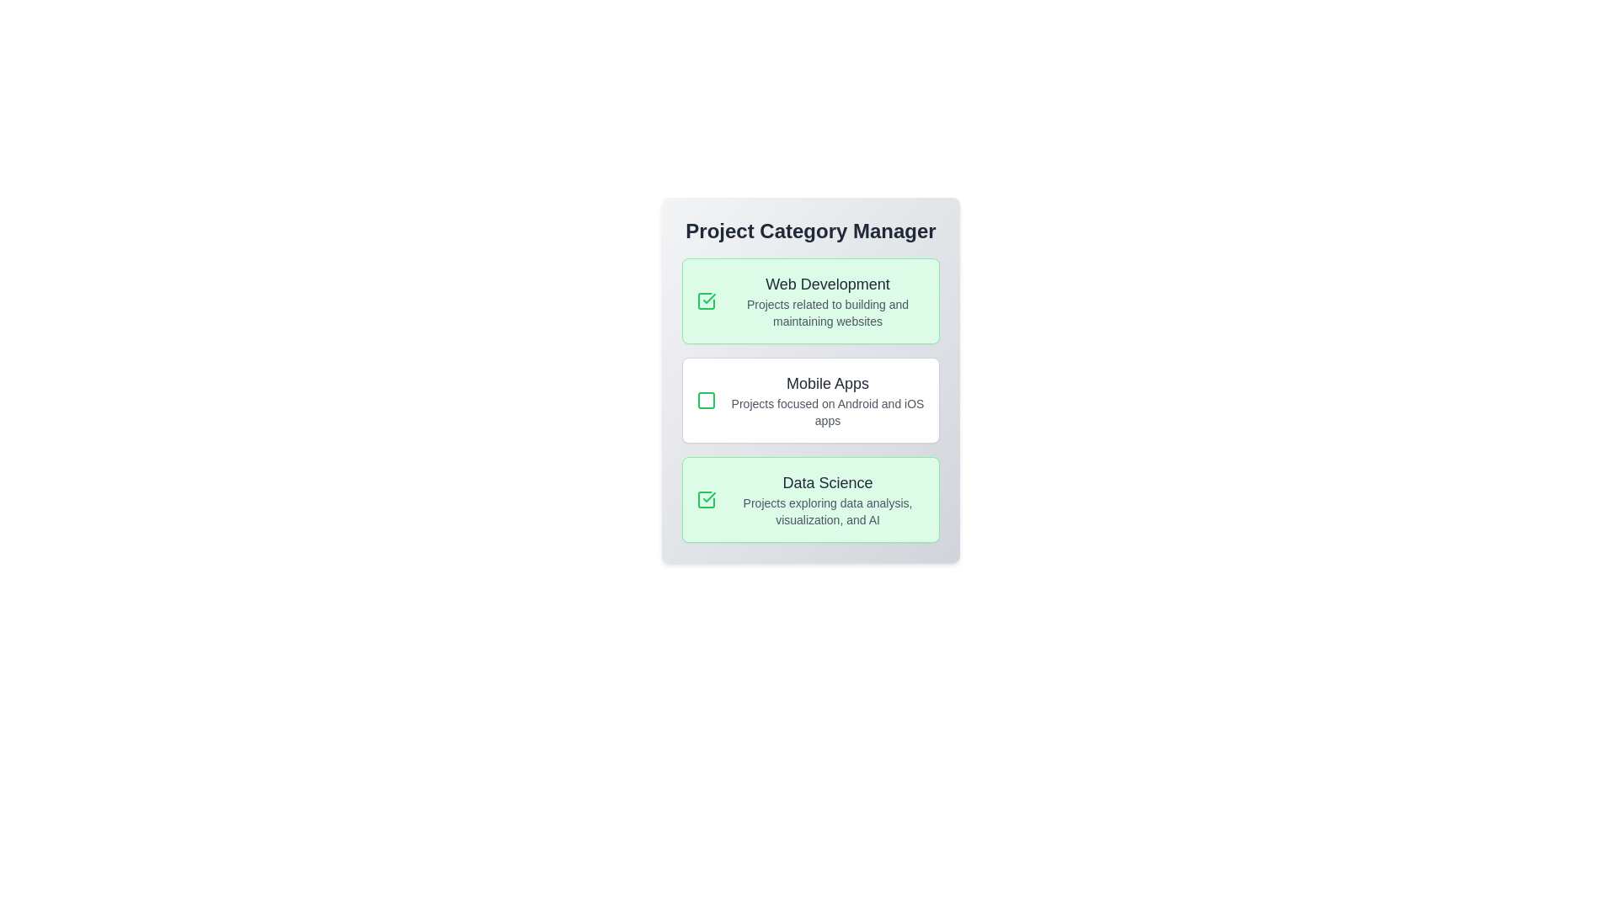 This screenshot has height=909, width=1617. Describe the element at coordinates (707, 499) in the screenshot. I see `the checkbox styled with a square outline and a green checkmark, which is part of the 'Data Science' category interface` at that location.